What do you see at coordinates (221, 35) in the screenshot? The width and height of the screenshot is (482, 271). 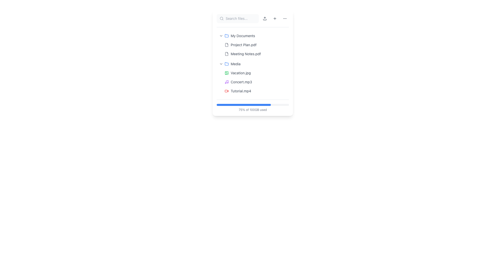 I see `the Dropdown toggle button with a chevron-down icon located to the left of the 'My Documents' label` at bounding box center [221, 35].